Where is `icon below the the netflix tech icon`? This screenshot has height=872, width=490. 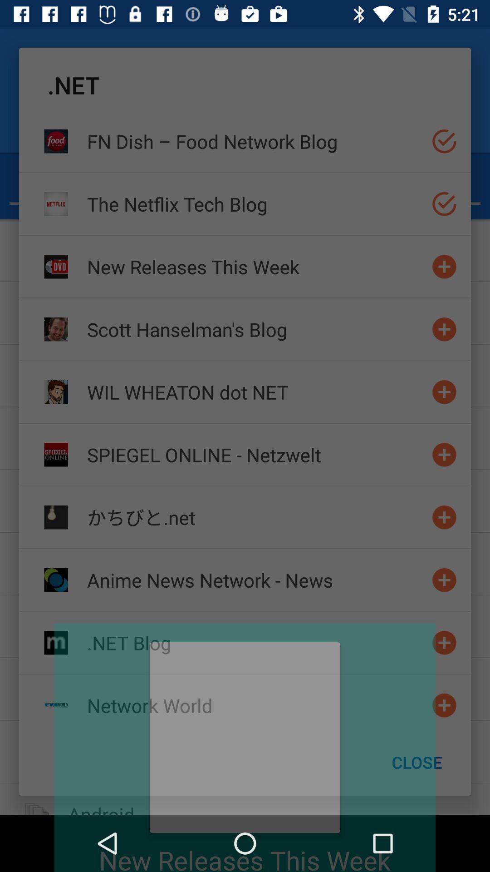
icon below the the netflix tech icon is located at coordinates (255, 266).